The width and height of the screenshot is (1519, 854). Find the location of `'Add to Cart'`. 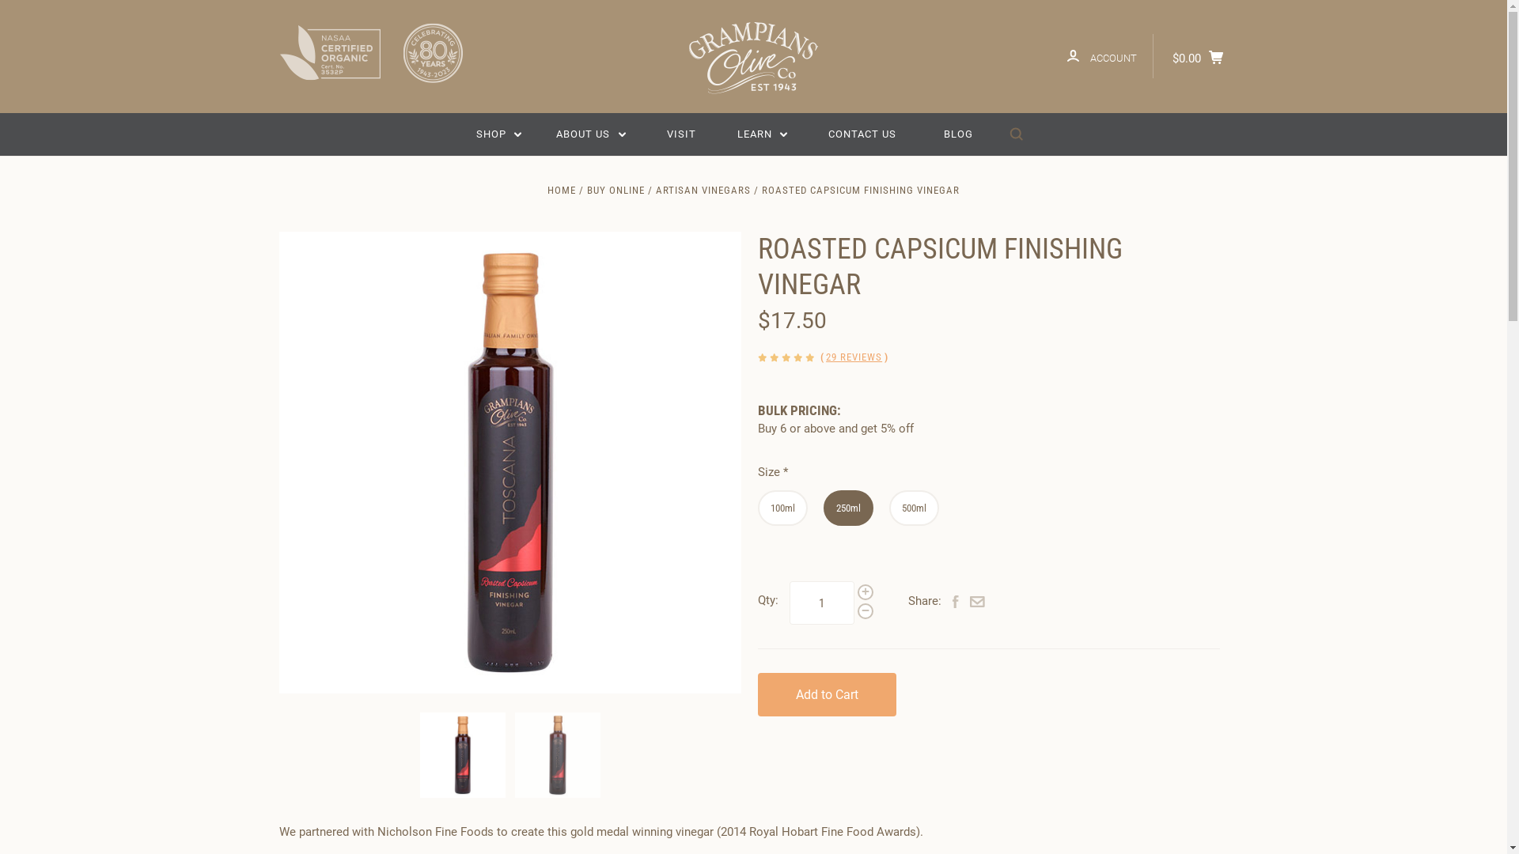

'Add to Cart' is located at coordinates (826, 693).